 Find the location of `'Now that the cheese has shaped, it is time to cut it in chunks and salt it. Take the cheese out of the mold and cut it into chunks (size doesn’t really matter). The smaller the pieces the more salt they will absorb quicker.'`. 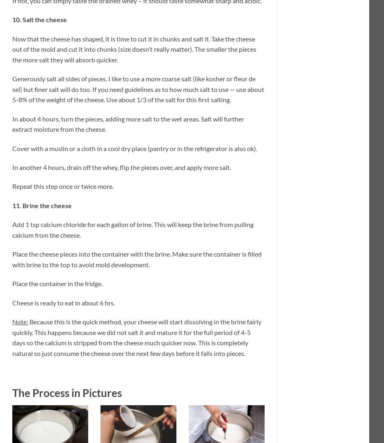

'Now that the cheese has shaped, it is time to cut it in chunks and salt it. Take the cheese out of the mold and cut it into chunks (size doesn’t really matter). The smaller the pieces the more salt they will absorb quicker.' is located at coordinates (134, 49).